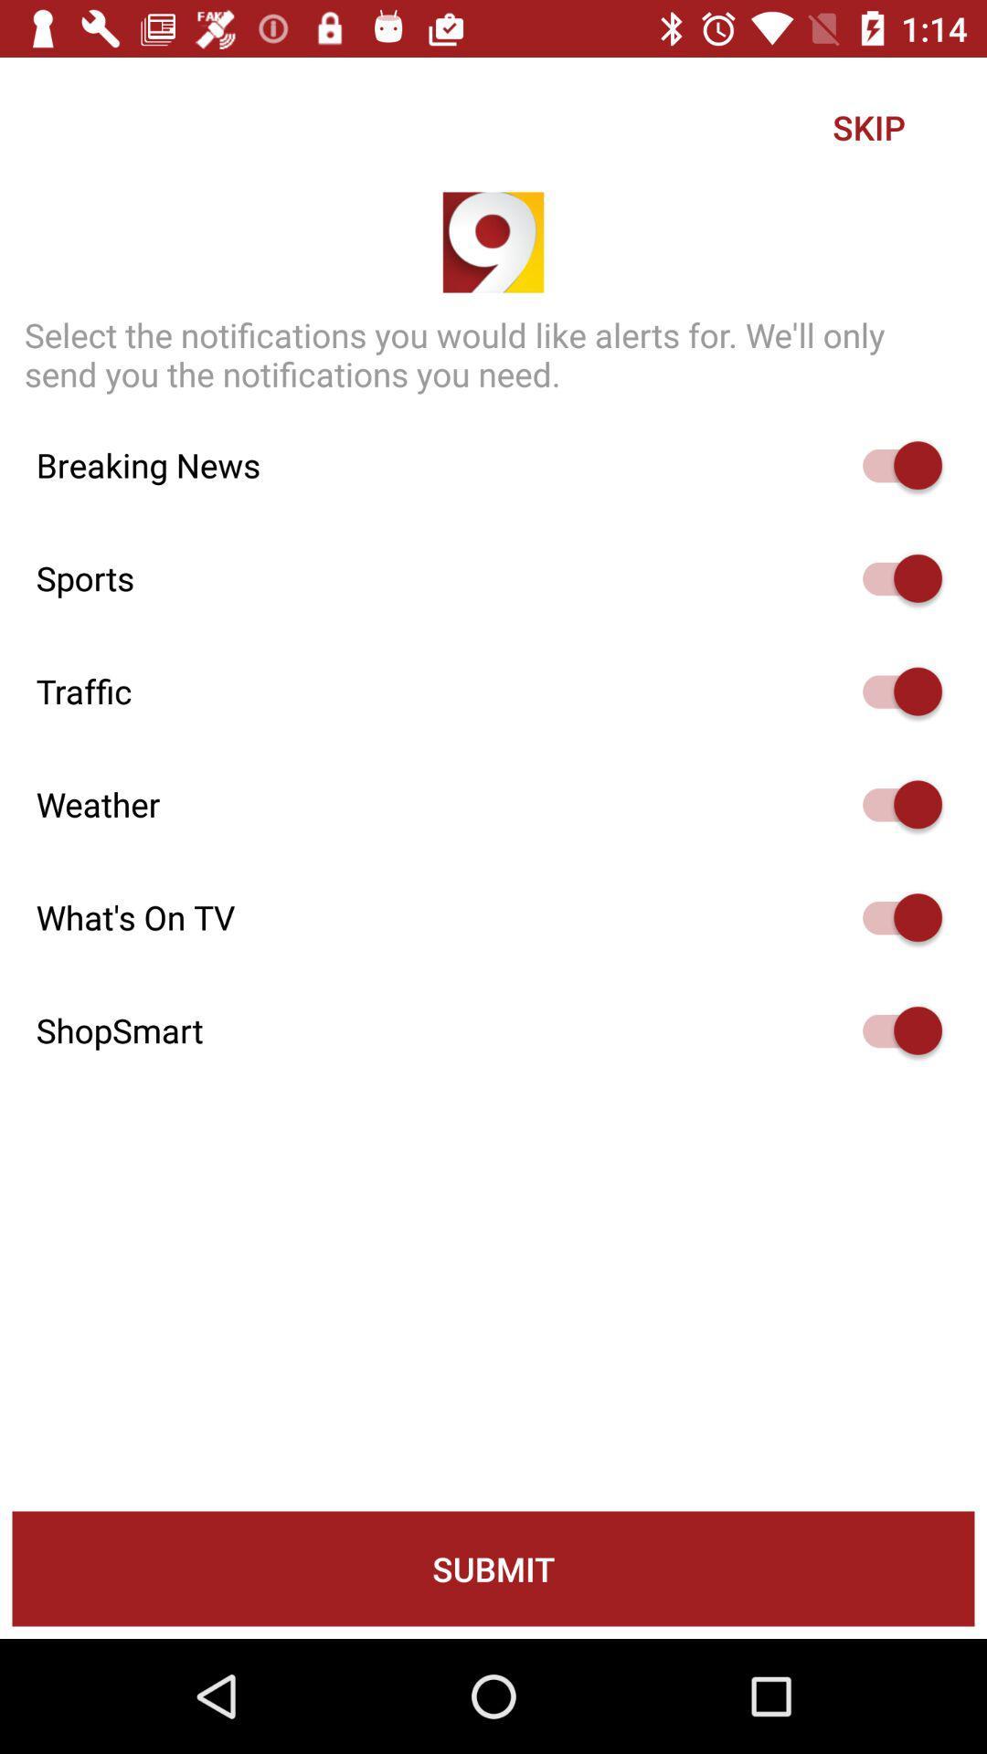  Describe the element at coordinates (893, 577) in the screenshot. I see `auto play` at that location.